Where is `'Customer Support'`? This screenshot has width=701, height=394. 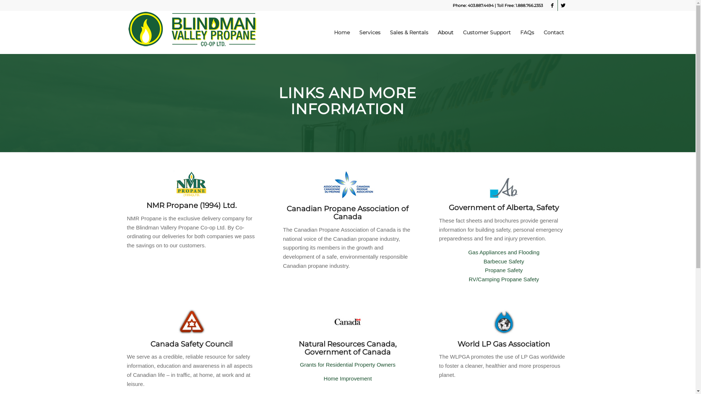
'Customer Support' is located at coordinates (486, 32).